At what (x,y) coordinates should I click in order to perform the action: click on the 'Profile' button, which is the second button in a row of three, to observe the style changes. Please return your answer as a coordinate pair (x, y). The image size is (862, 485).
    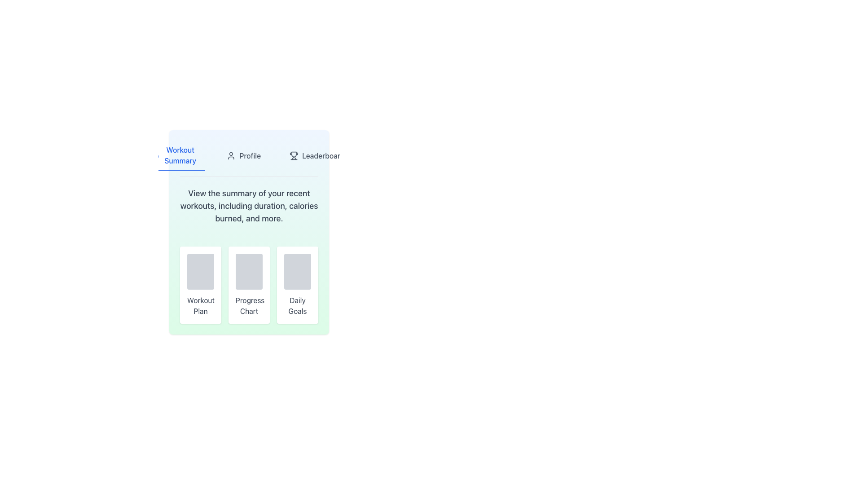
    Looking at the image, I should click on (244, 155).